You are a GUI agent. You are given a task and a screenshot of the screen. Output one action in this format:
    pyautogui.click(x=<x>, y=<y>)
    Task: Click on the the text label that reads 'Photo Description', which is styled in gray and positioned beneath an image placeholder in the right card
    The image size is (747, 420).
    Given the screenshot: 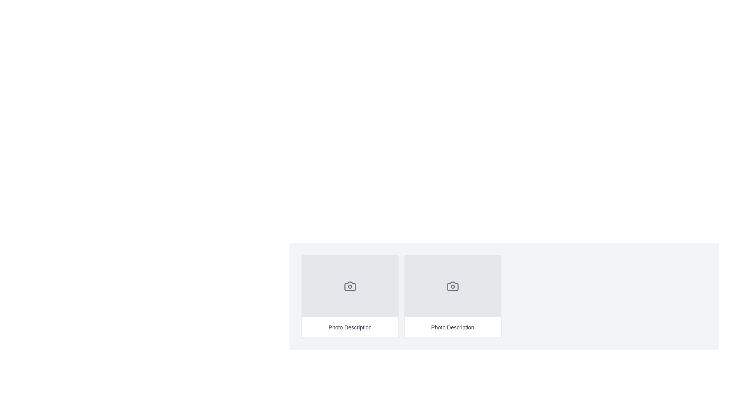 What is the action you would take?
    pyautogui.click(x=452, y=327)
    